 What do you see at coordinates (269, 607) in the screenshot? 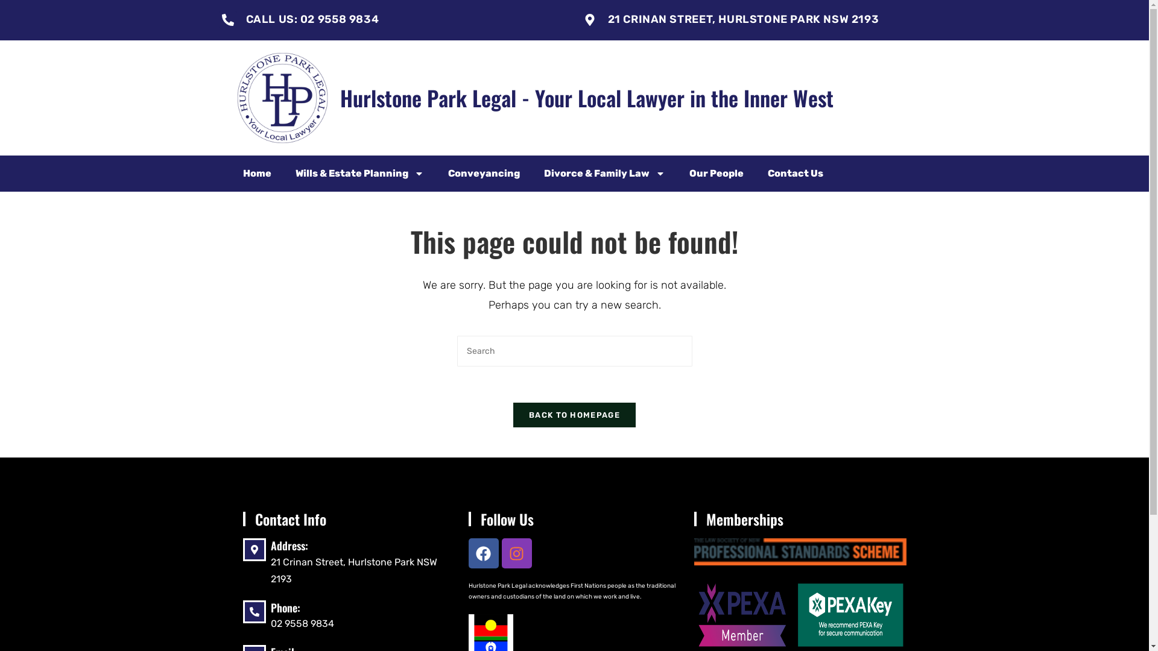
I see `'Phone:'` at bounding box center [269, 607].